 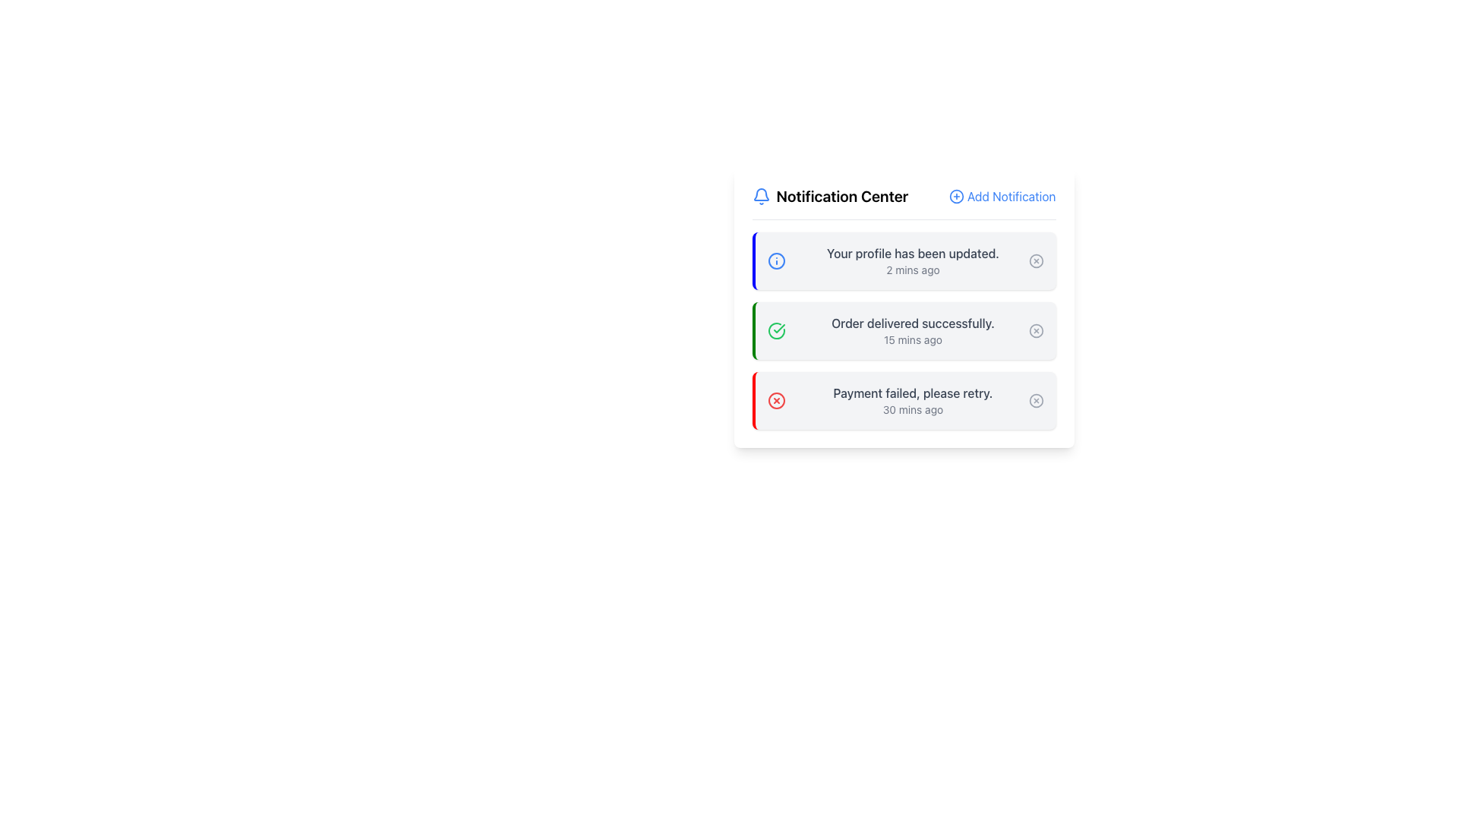 I want to click on the circular green icon with a check mark that signifies completion, located on the left side of the 'Order delivered successfully.' notification entry, so click(x=776, y=330).